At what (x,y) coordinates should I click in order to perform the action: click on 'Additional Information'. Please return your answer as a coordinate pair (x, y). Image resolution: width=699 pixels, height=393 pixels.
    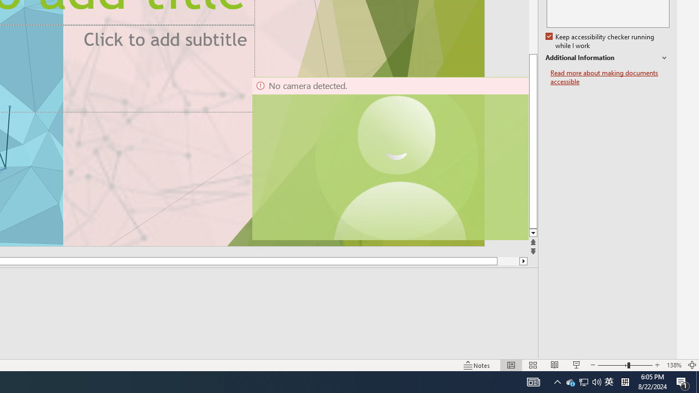
    Looking at the image, I should click on (607, 58).